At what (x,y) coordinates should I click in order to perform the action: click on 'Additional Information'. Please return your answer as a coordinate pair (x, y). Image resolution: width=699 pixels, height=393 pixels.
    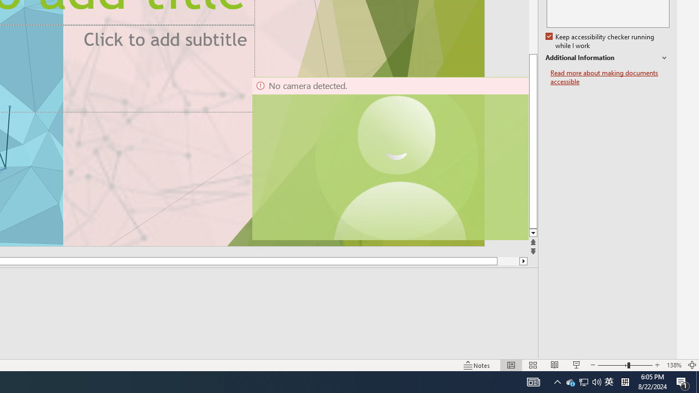
    Looking at the image, I should click on (607, 58).